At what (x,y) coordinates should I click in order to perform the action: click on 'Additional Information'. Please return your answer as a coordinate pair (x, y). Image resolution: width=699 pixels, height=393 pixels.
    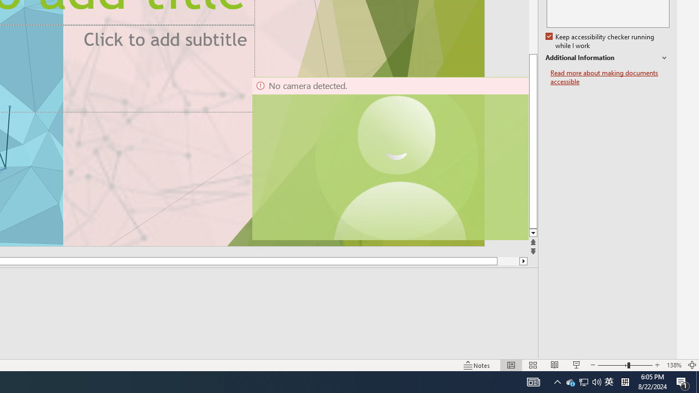
    Looking at the image, I should click on (607, 58).